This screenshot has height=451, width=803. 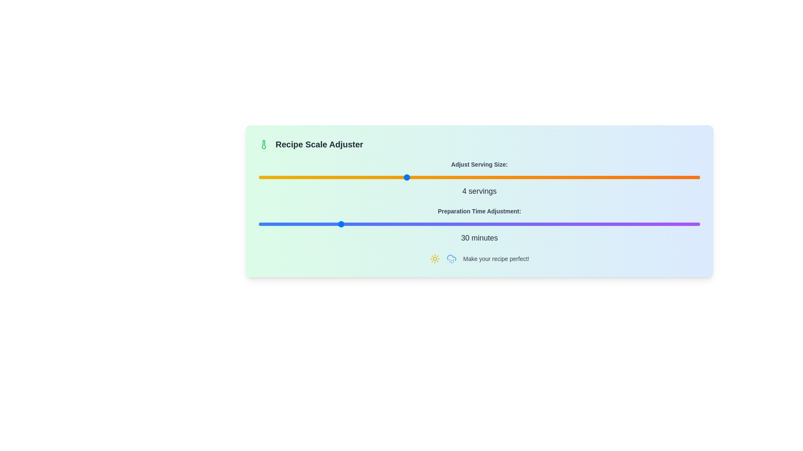 What do you see at coordinates (575, 223) in the screenshot?
I see `the preparation time` at bounding box center [575, 223].